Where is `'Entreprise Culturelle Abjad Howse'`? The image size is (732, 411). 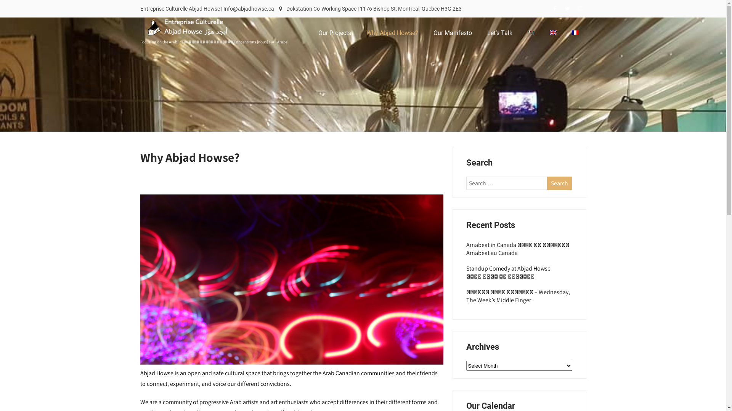
'Entreprise Culturelle Abjad Howse' is located at coordinates (194, 38).